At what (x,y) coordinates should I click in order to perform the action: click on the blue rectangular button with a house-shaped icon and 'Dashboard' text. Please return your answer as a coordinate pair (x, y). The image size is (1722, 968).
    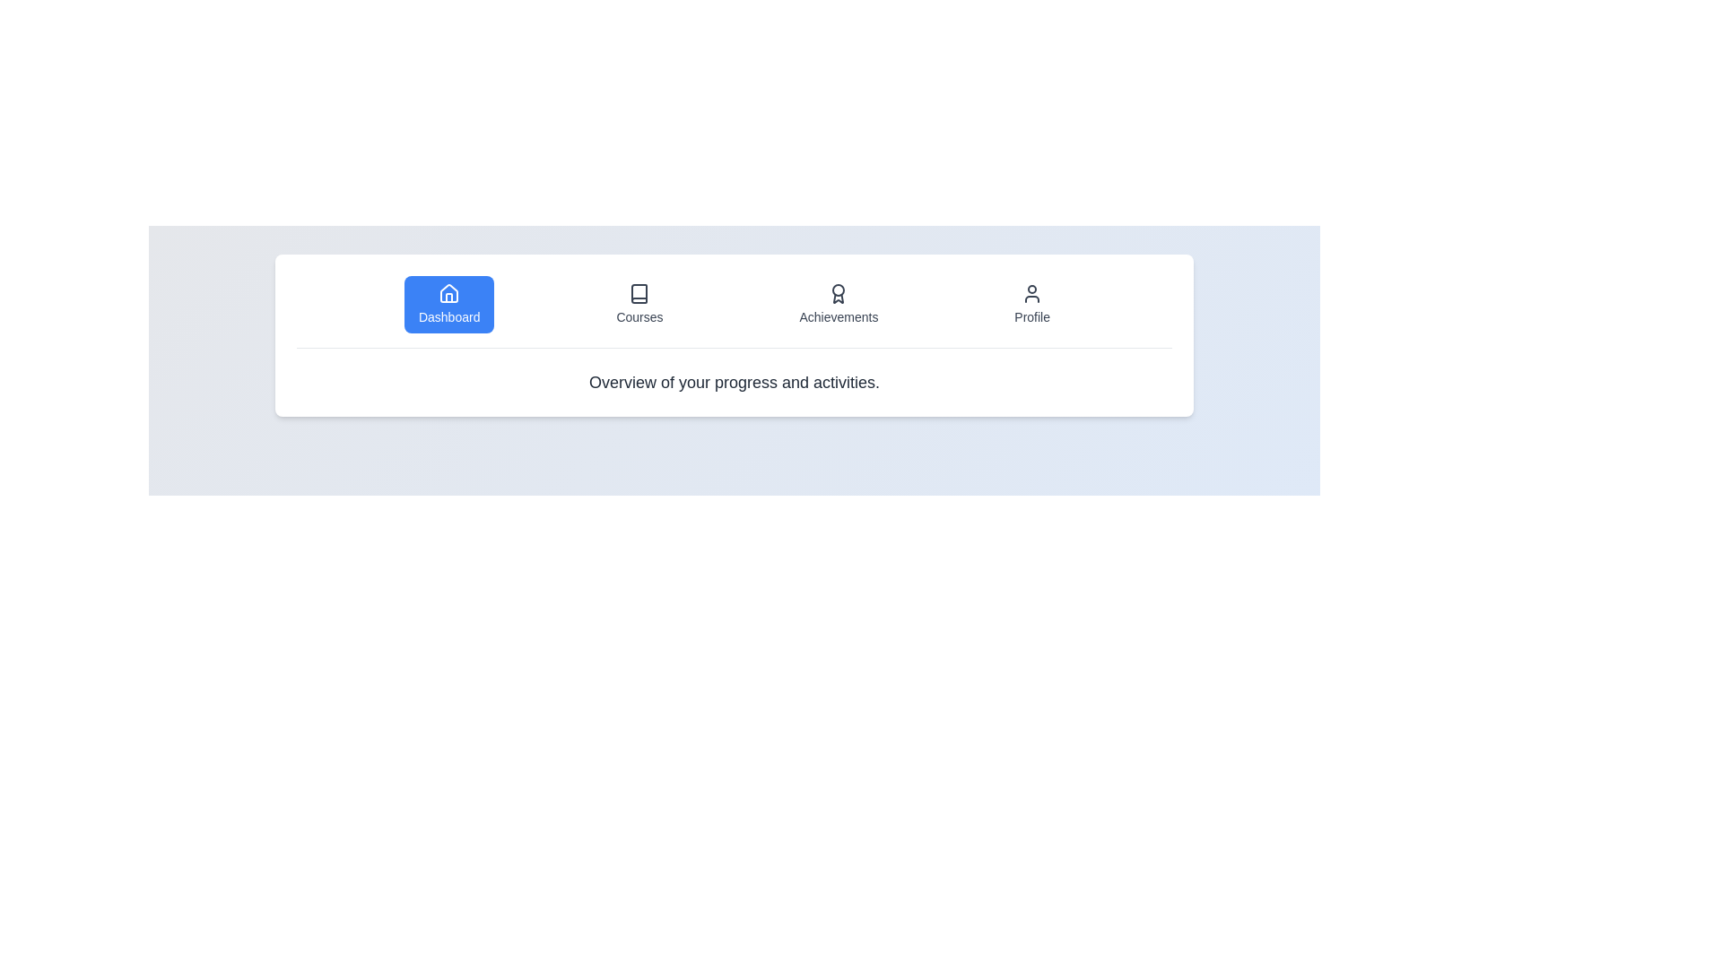
    Looking at the image, I should click on (449, 303).